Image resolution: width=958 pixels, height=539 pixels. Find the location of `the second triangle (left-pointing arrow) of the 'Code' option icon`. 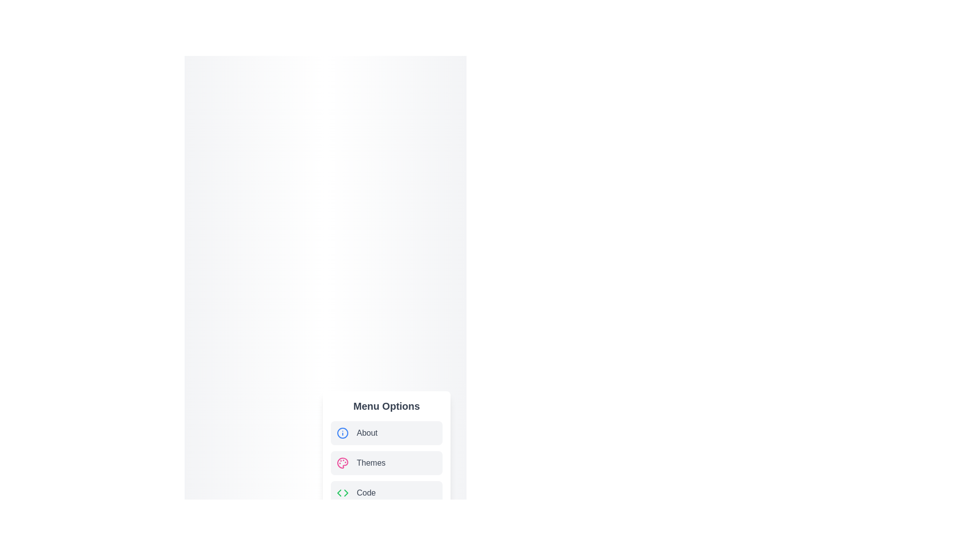

the second triangle (left-pointing arrow) of the 'Code' option icon is located at coordinates (339, 492).